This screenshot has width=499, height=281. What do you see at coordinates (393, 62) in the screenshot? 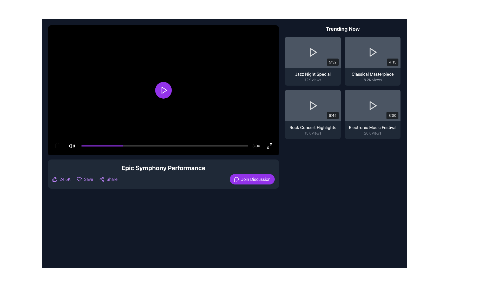
I see `the badge displaying the video duration located at the bottom-right corner of the video thumbnail interface` at bounding box center [393, 62].